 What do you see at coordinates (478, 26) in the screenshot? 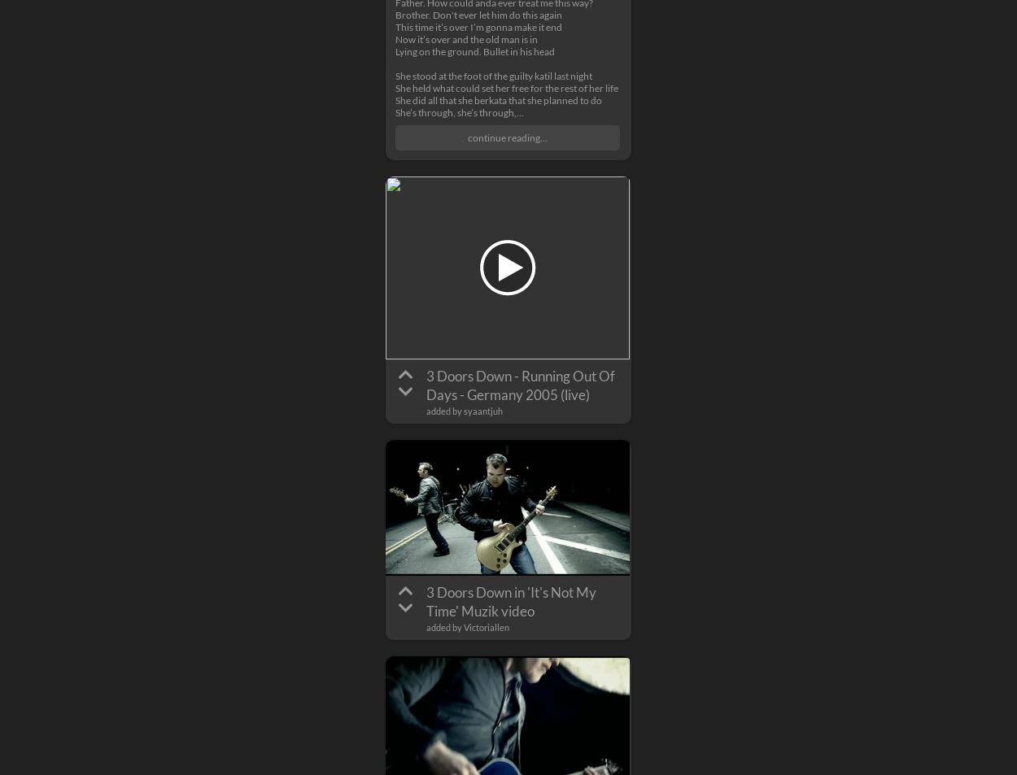
I see `'This time it’s over I’m gonna make it end'` at bounding box center [478, 26].